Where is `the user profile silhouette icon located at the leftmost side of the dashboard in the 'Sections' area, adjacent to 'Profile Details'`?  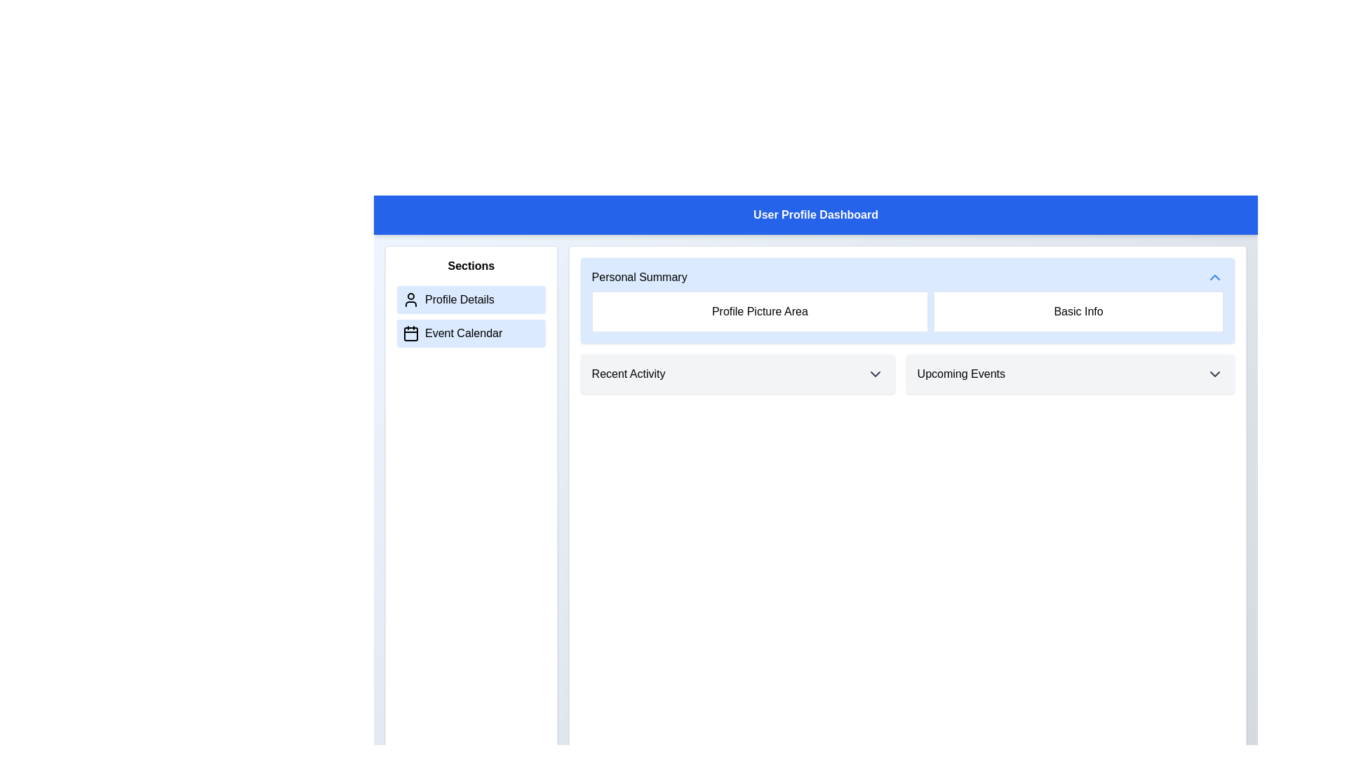 the user profile silhouette icon located at the leftmost side of the dashboard in the 'Sections' area, adjacent to 'Profile Details' is located at coordinates (410, 299).